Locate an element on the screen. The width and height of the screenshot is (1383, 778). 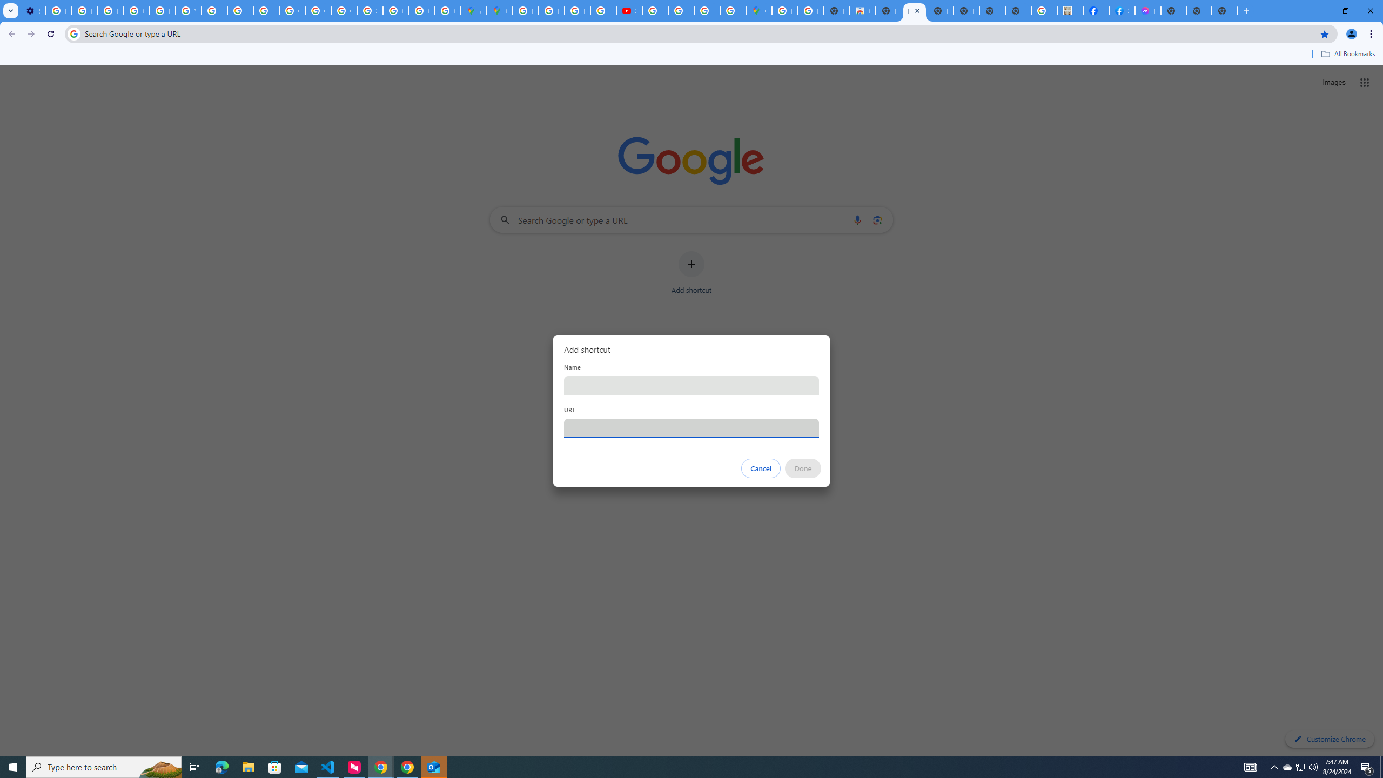
'Miley Cyrus | Facebook' is located at coordinates (1095, 10).